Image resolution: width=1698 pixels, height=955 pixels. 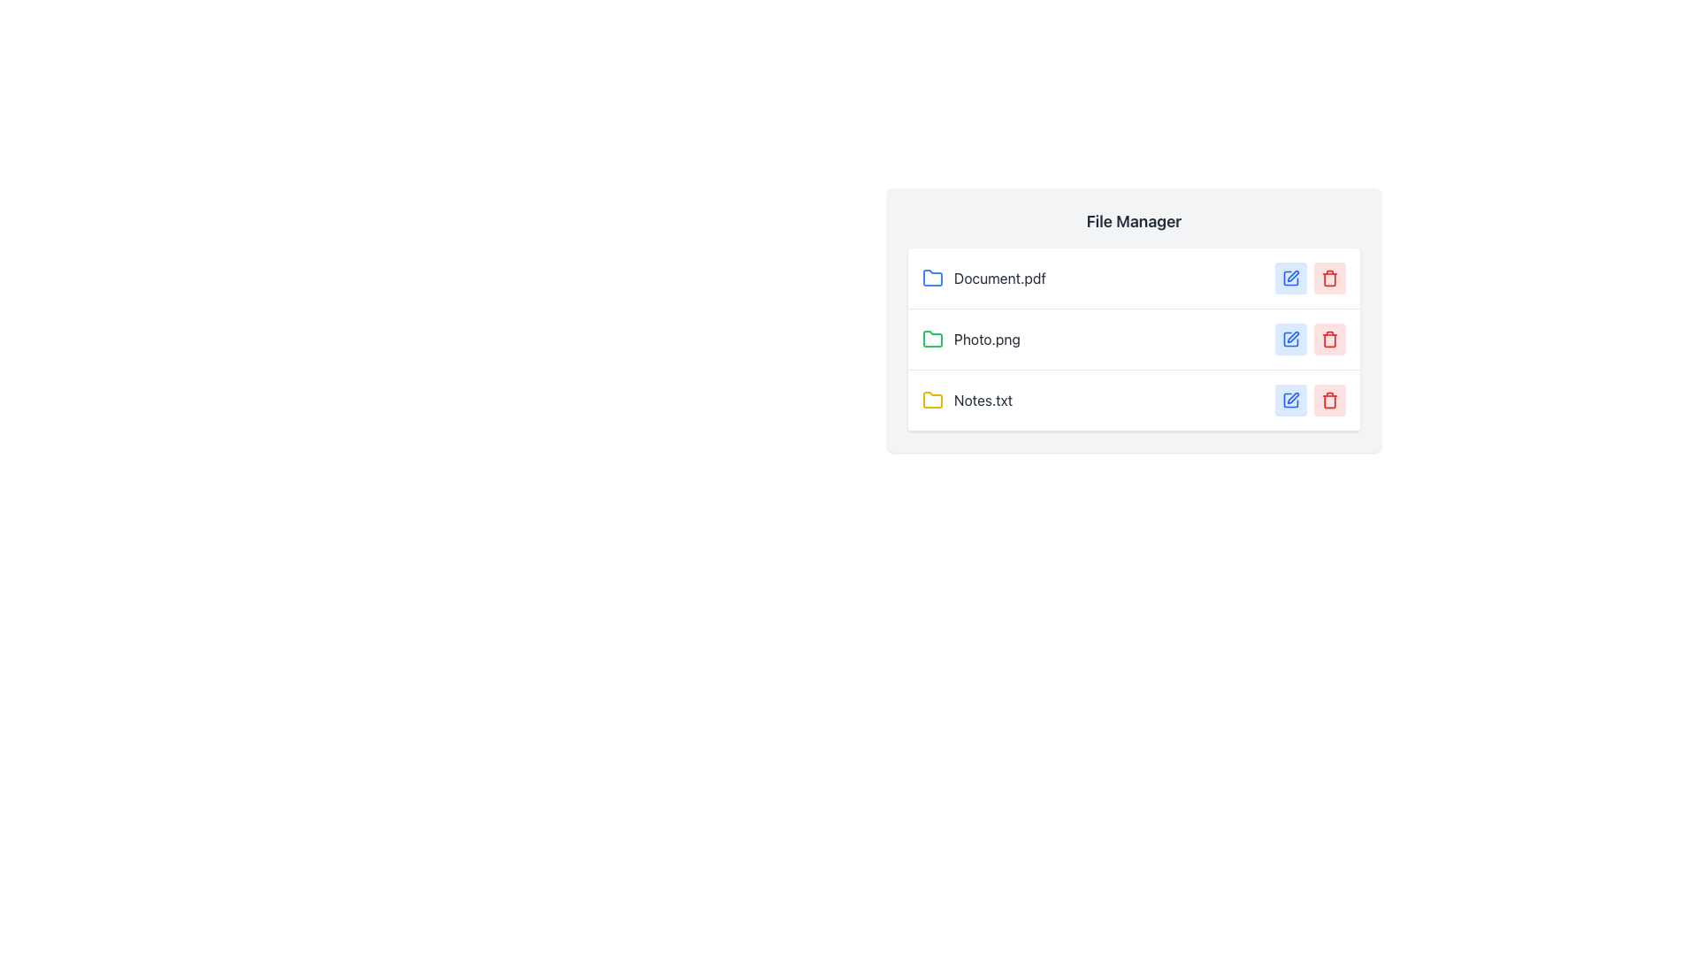 I want to click on the delete button, which is a rounded red button with a trash can icon, located within the file manager interface, so click(x=1329, y=279).